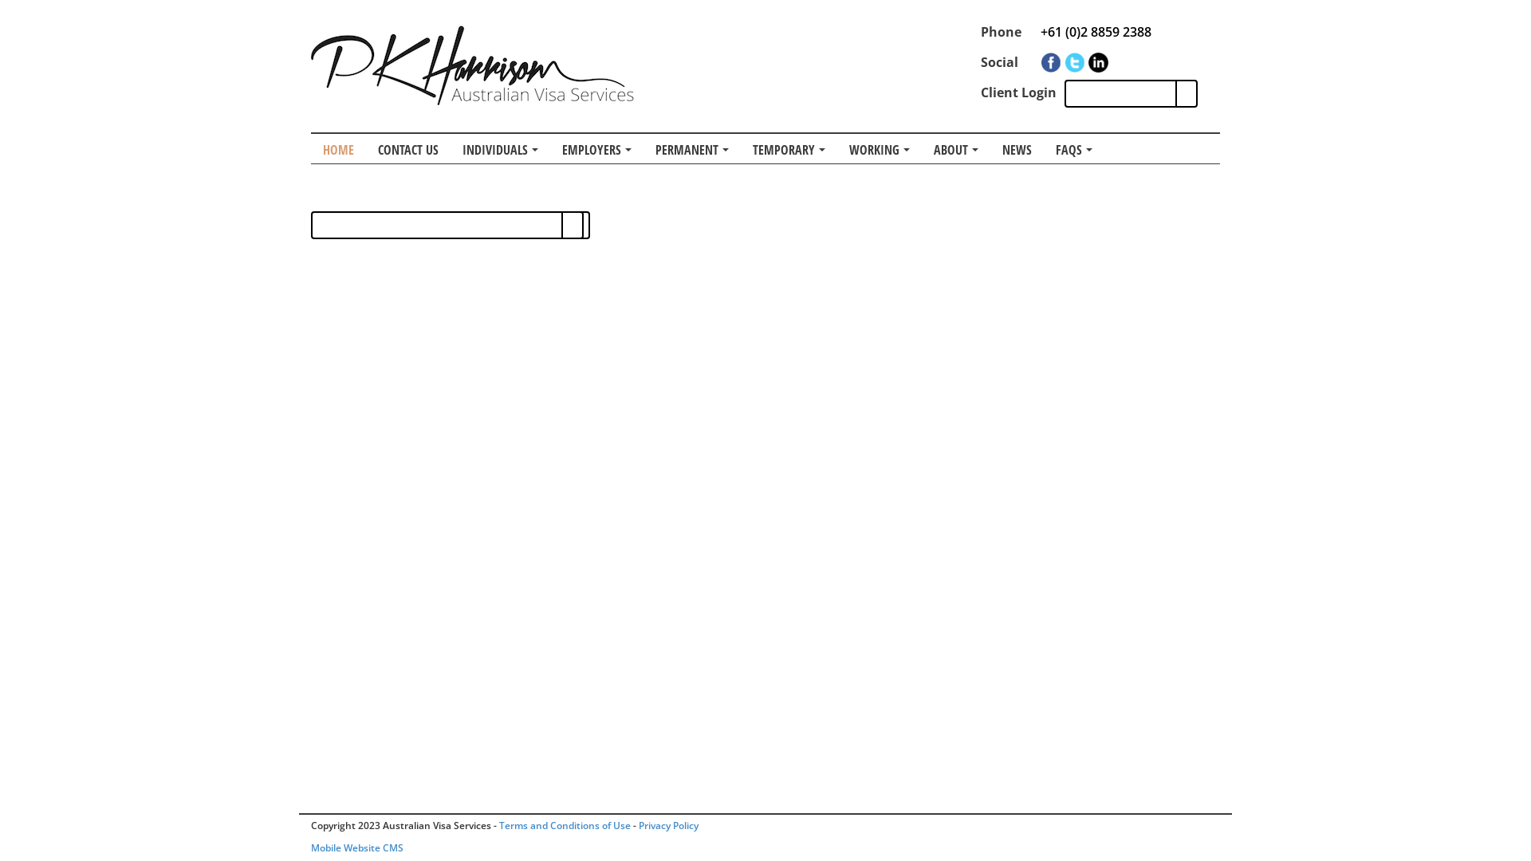 This screenshot has width=1531, height=861. What do you see at coordinates (408, 148) in the screenshot?
I see `'CONTACT US'` at bounding box center [408, 148].